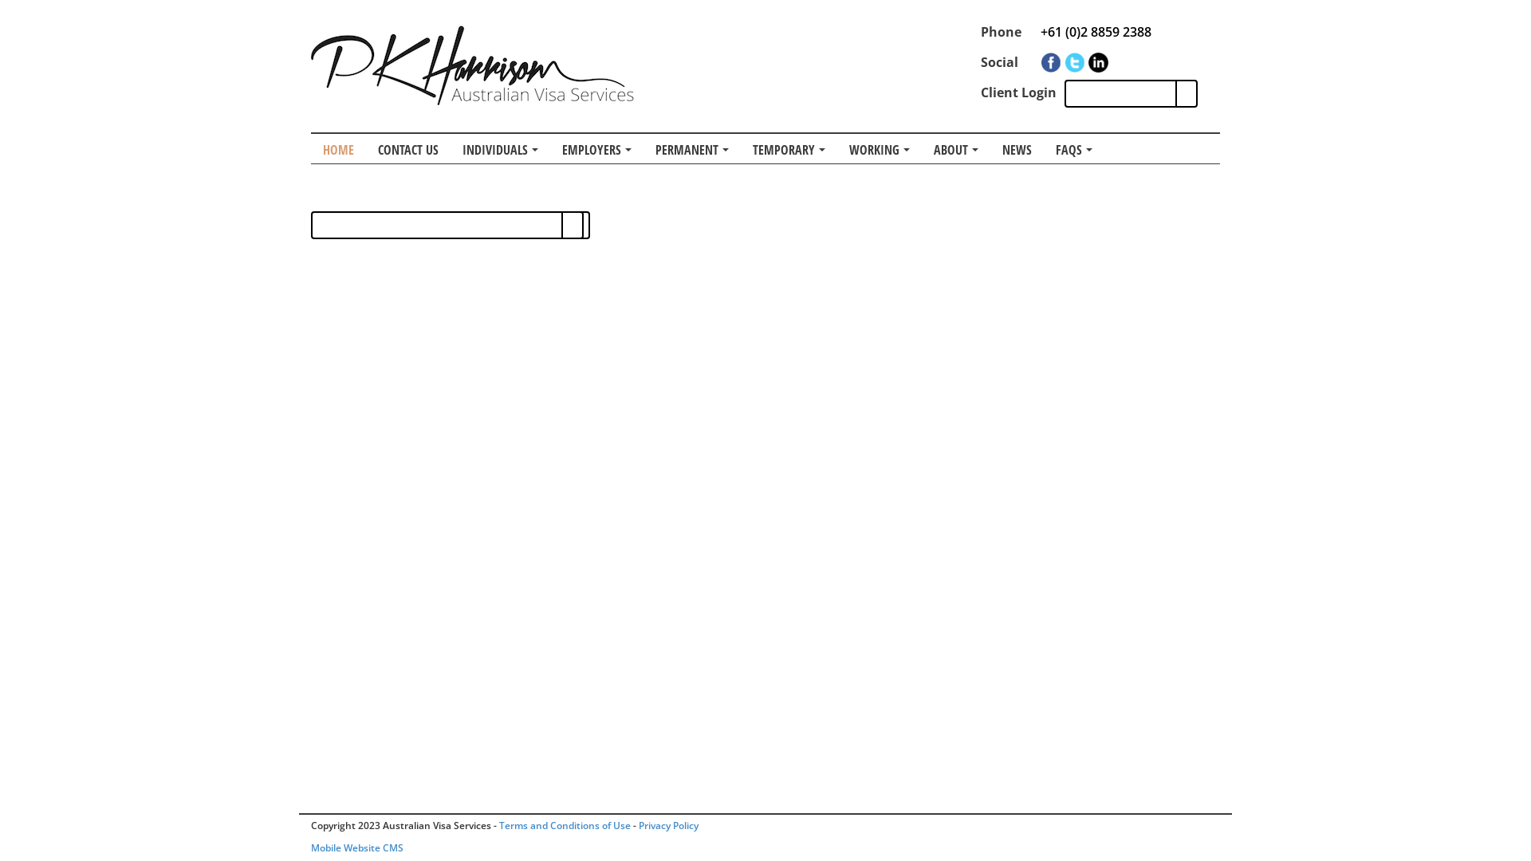 This screenshot has width=1531, height=861. What do you see at coordinates (408, 148) in the screenshot?
I see `'CONTACT US'` at bounding box center [408, 148].